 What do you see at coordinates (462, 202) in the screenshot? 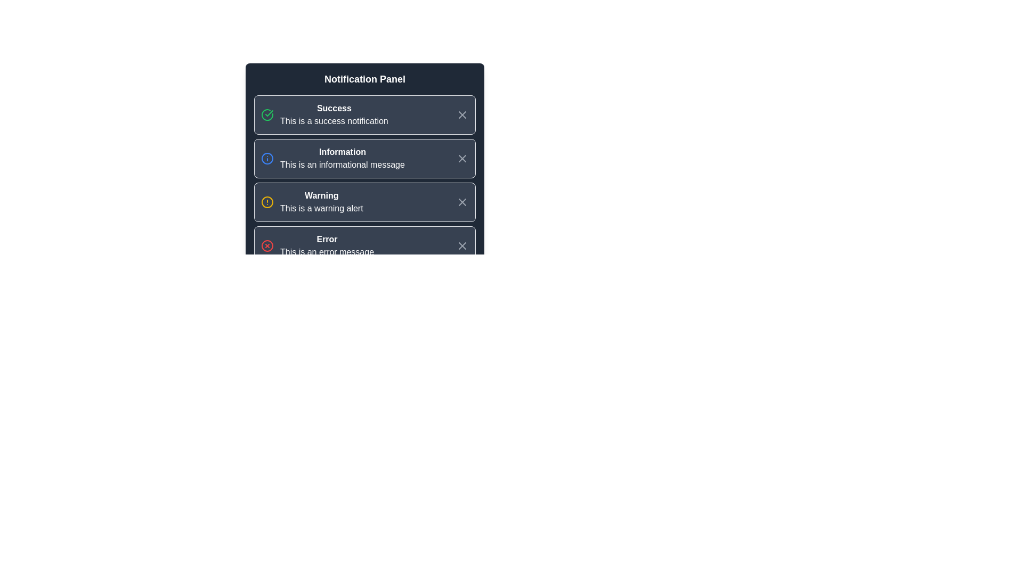
I see `the small 'X' icon located at the top-right corner of the 'Warning' notification box` at bounding box center [462, 202].